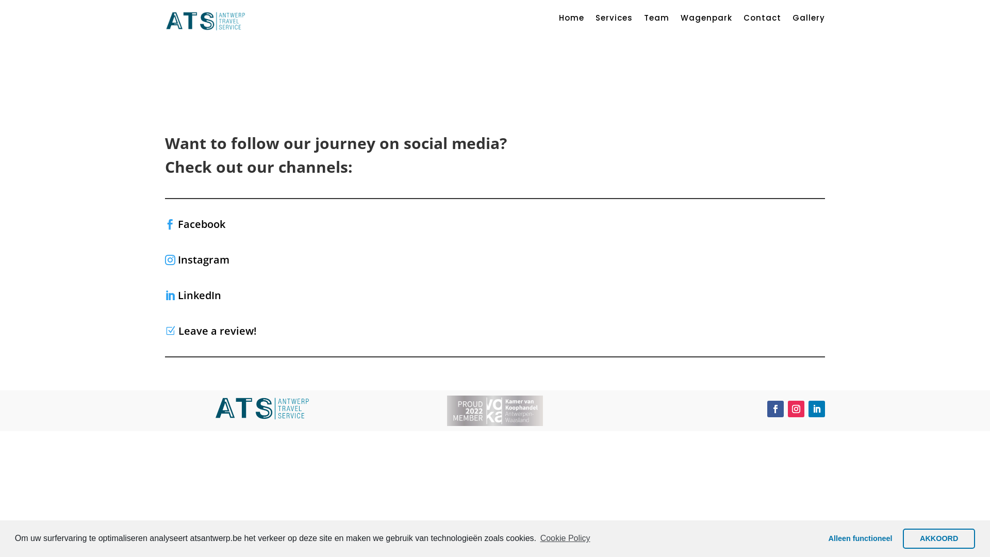 This screenshot has height=557, width=990. Describe the element at coordinates (495, 410) in the screenshot. I see `'logo_voka'` at that location.